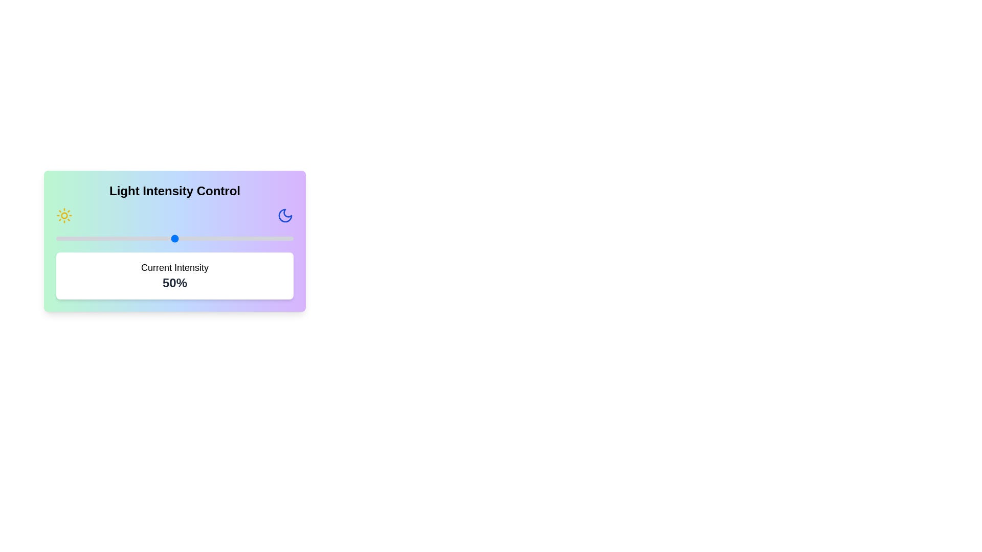 The width and height of the screenshot is (982, 552). Describe the element at coordinates (285, 215) in the screenshot. I see `the crescent moon icon located in the top-right corner of the 'Light Intensity Control' card` at that location.